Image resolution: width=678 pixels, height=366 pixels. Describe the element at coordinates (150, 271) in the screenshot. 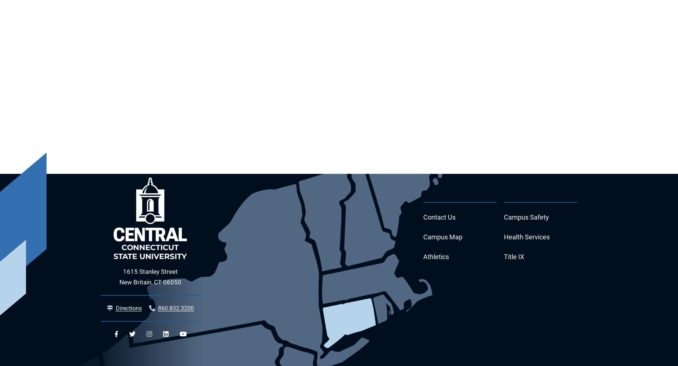

I see `'1615 Stanley Street'` at that location.